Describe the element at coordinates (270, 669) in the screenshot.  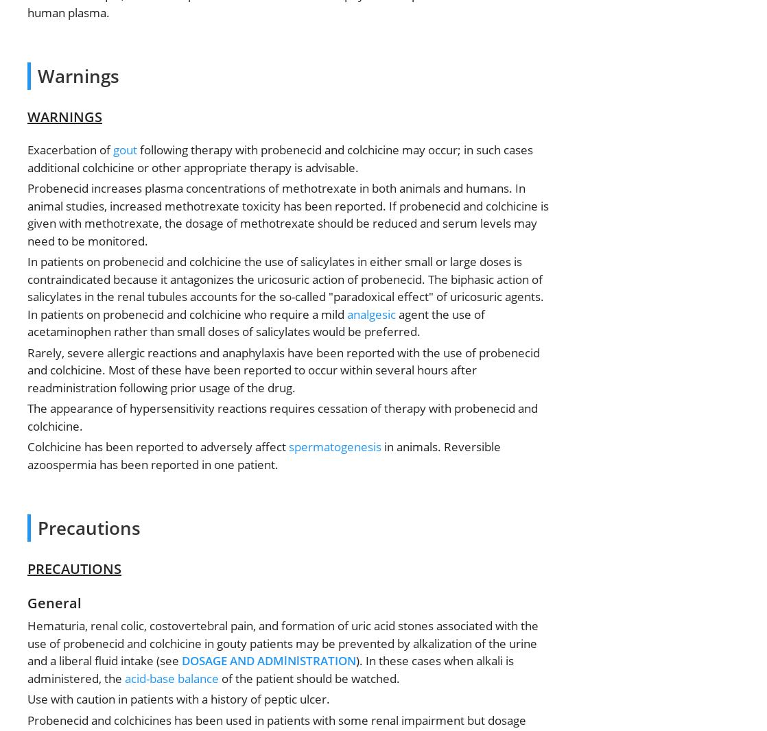
I see `'). In these cases when alkali is administered, the'` at that location.